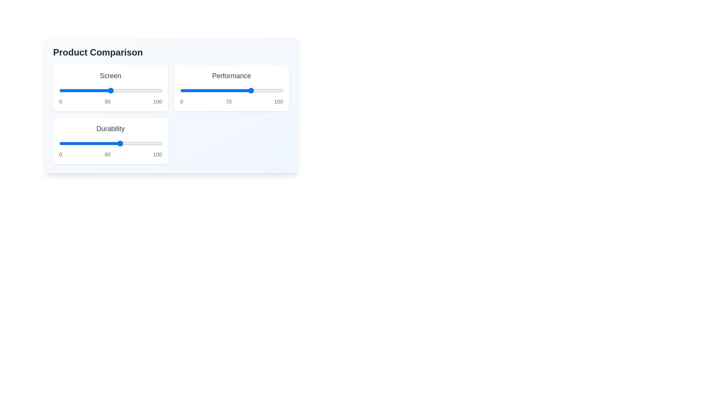 The width and height of the screenshot is (726, 408). I want to click on the 'Durability' slider to 16, so click(76, 144).